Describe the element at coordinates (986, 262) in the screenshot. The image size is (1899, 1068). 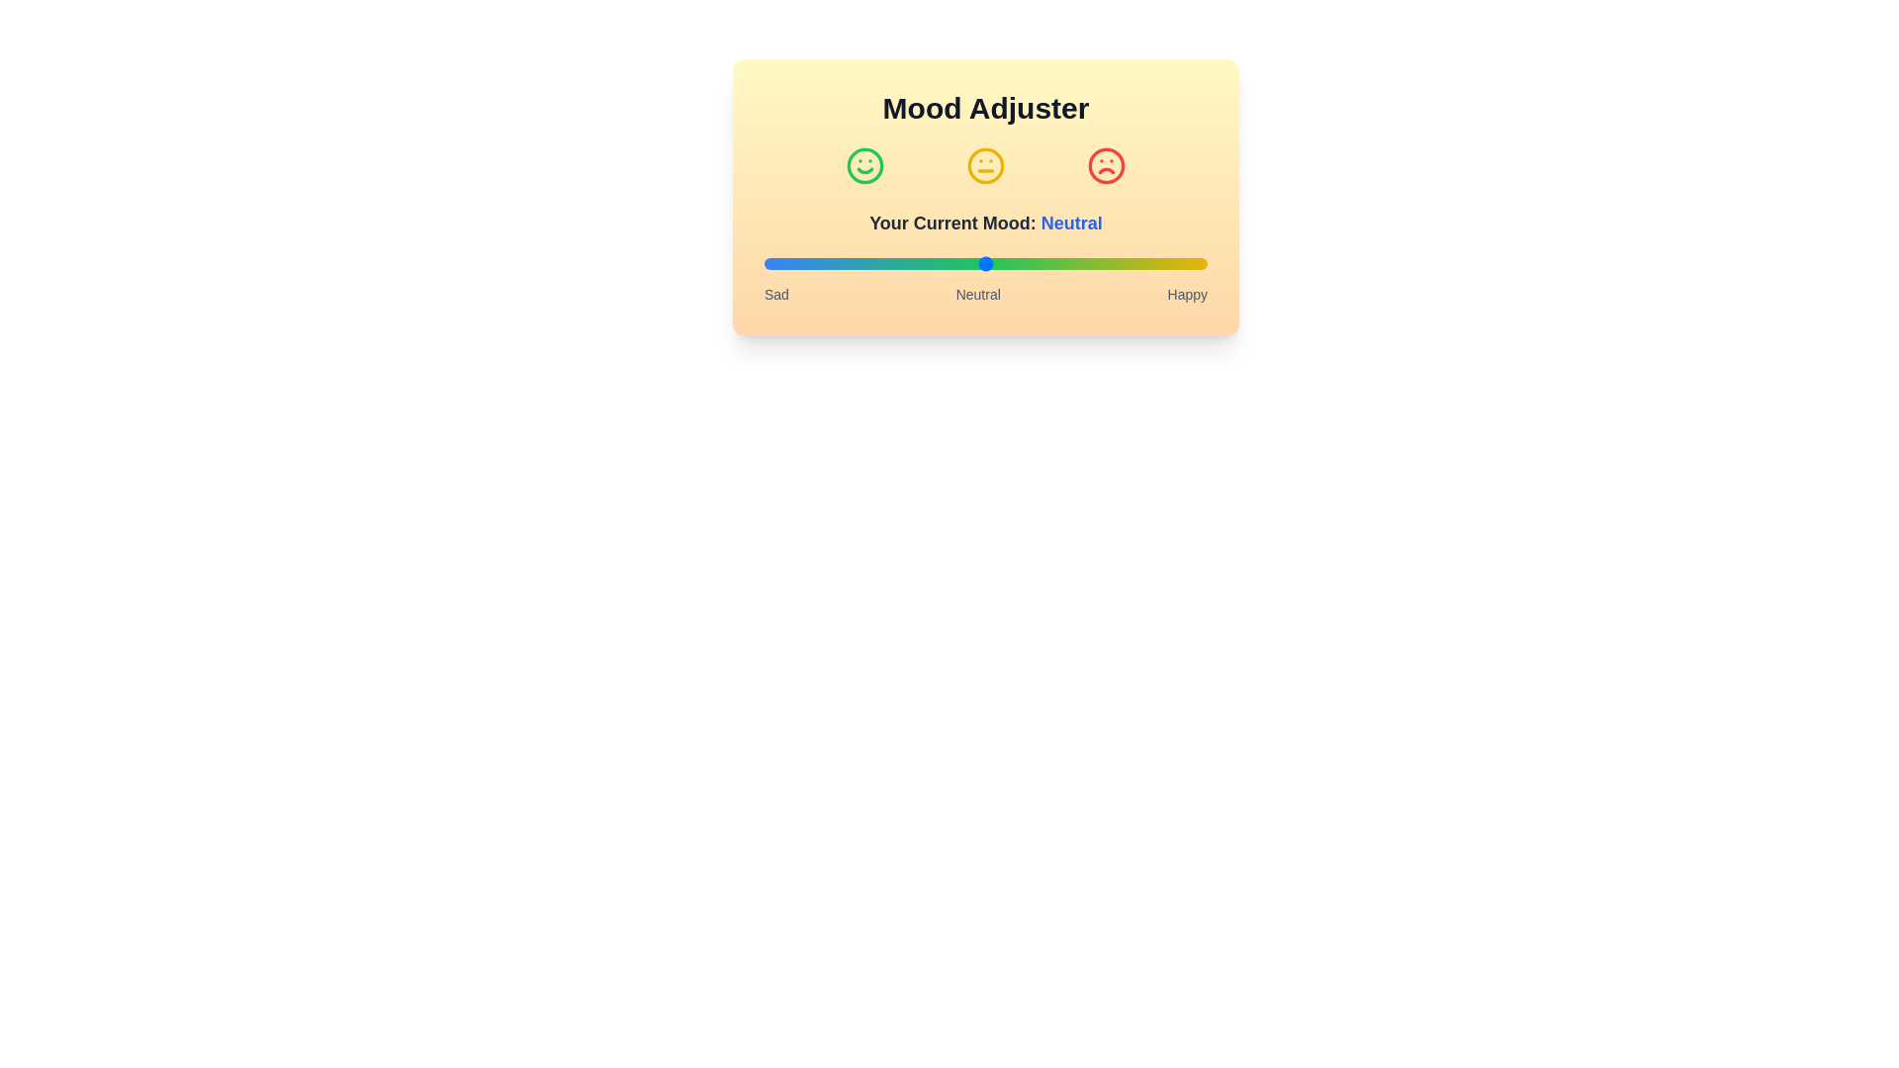
I see `the mood slider to the desired level 50` at that location.